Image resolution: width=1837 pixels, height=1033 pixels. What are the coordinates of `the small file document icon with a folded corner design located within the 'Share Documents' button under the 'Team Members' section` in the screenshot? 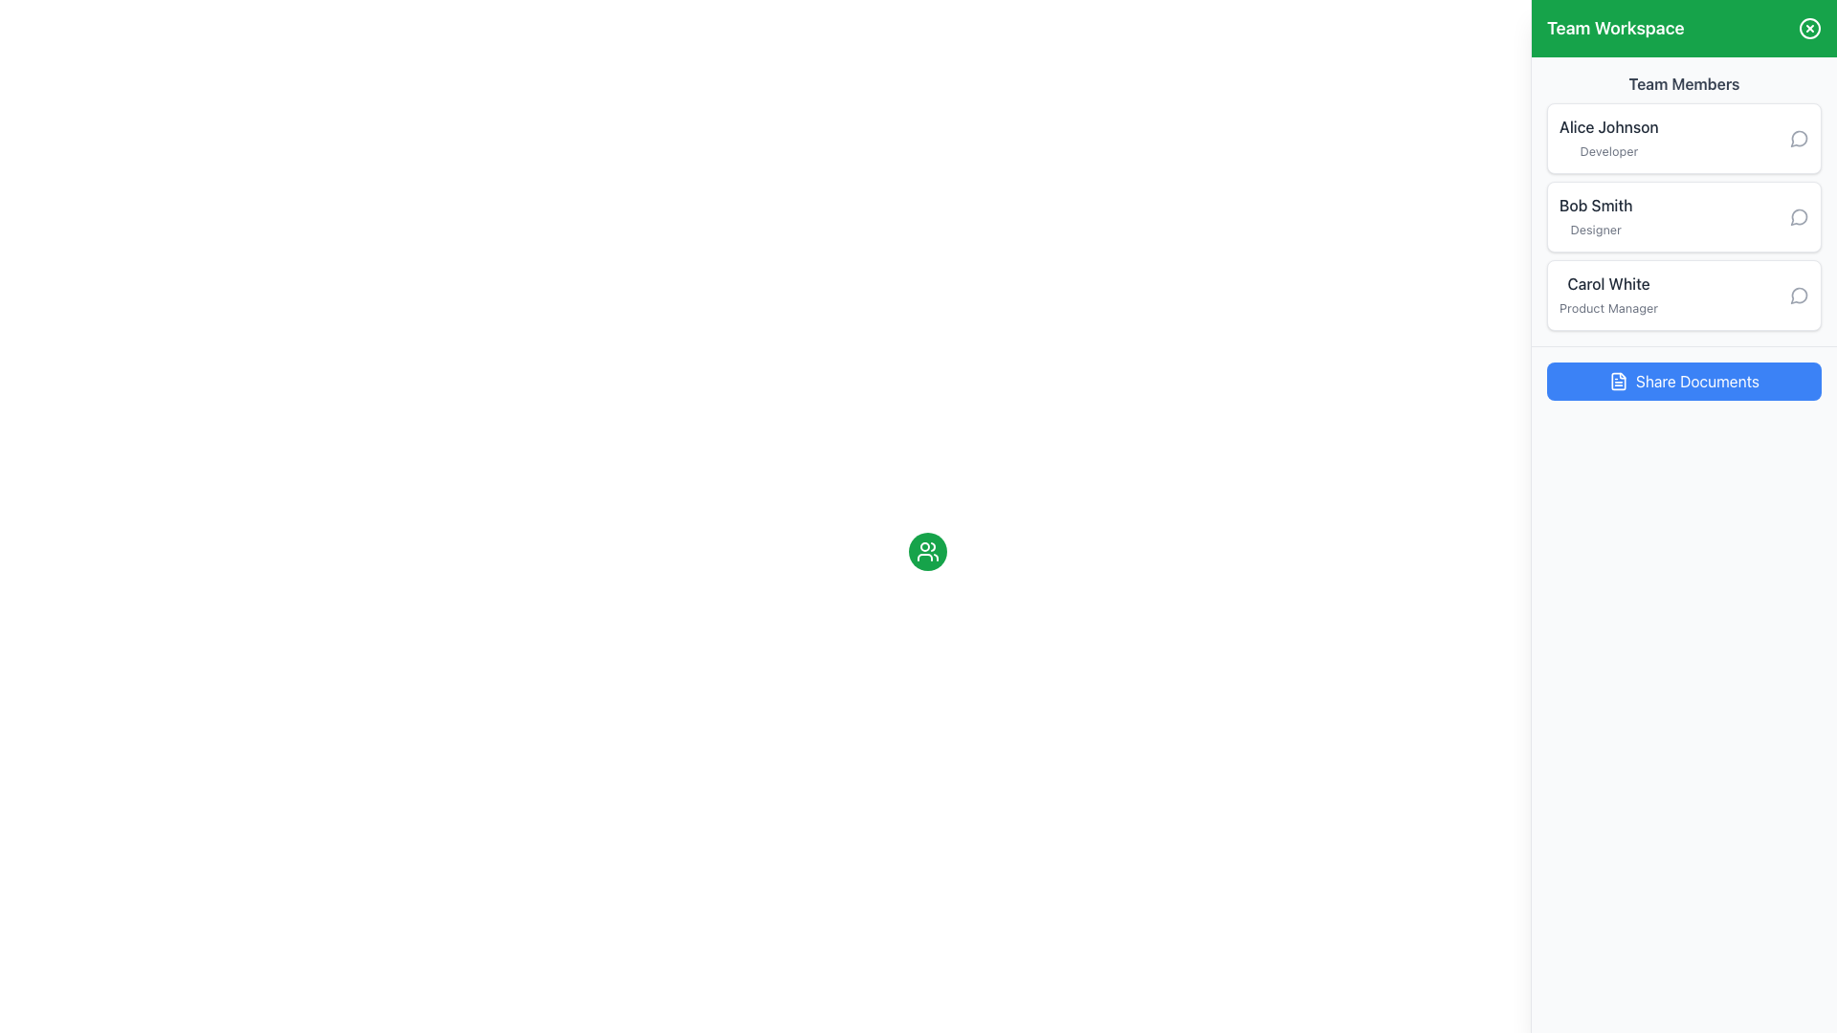 It's located at (1617, 381).